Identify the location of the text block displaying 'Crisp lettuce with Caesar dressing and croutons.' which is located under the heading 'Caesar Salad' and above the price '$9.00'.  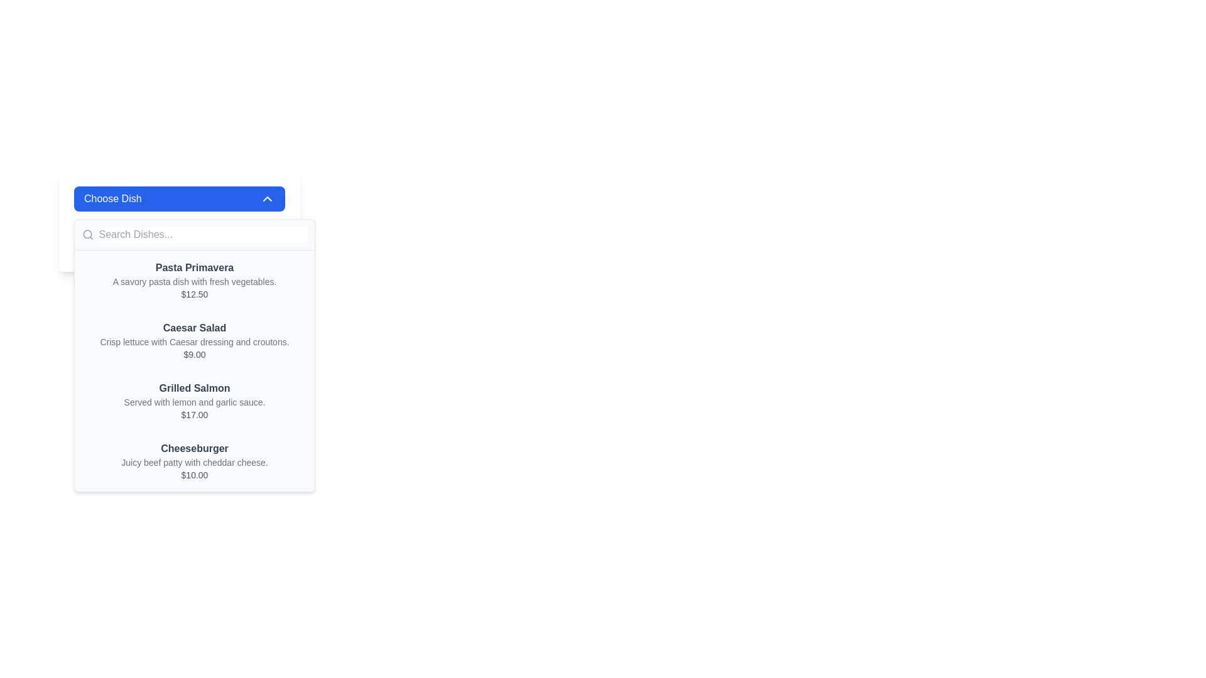
(194, 342).